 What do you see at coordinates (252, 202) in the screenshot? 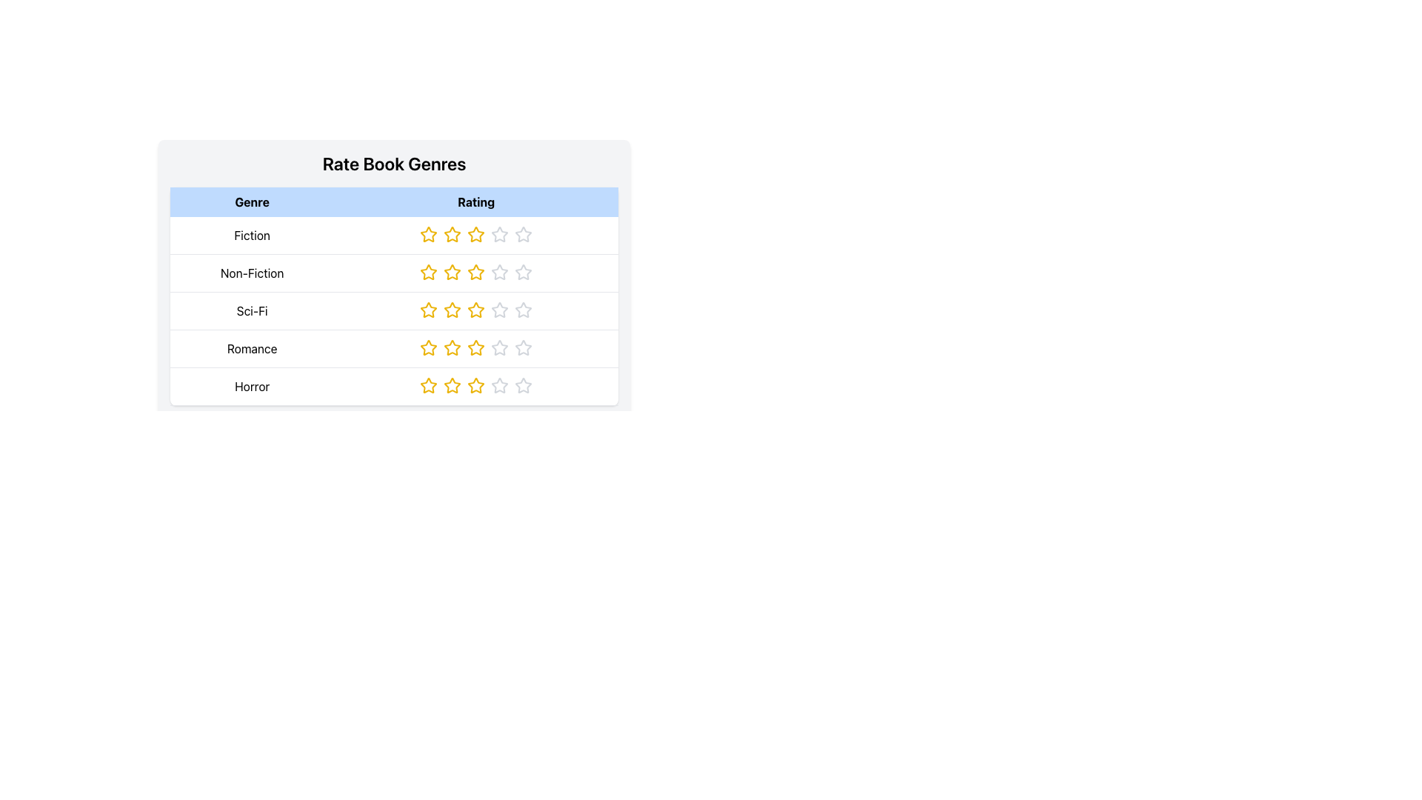
I see `the 'Genre' text label, which is a bold black font on a light blue background, located on the far left of the 'GenreRating' header row` at bounding box center [252, 202].